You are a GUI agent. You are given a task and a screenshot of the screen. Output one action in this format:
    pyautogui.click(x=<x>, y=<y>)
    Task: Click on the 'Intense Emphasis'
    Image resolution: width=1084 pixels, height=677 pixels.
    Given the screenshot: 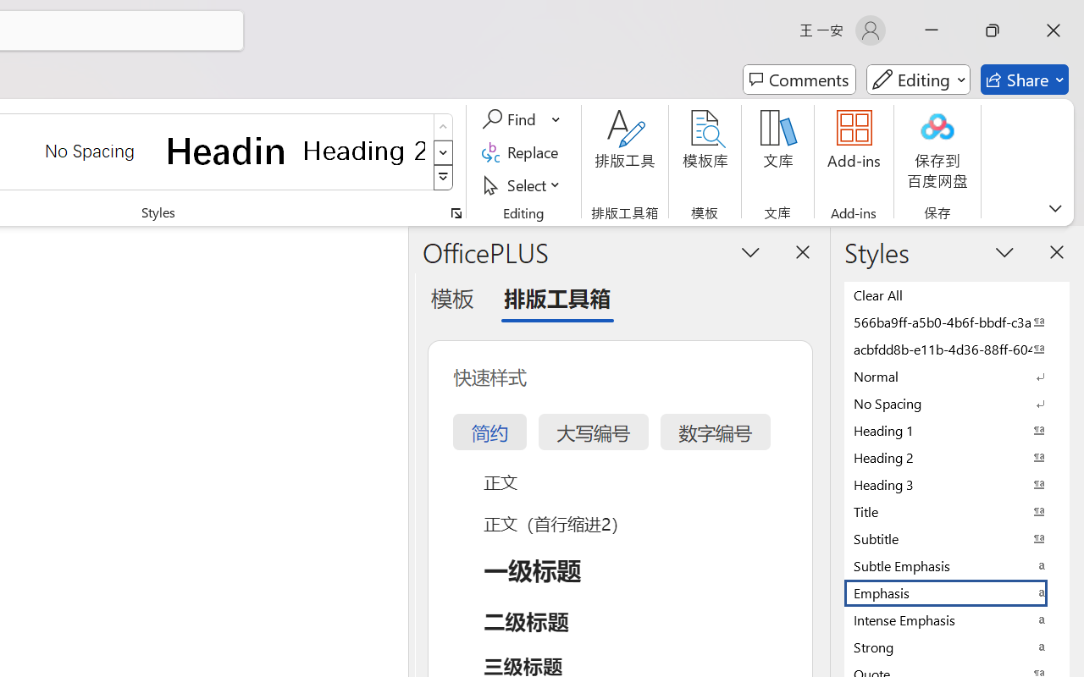 What is the action you would take?
    pyautogui.click(x=957, y=619)
    